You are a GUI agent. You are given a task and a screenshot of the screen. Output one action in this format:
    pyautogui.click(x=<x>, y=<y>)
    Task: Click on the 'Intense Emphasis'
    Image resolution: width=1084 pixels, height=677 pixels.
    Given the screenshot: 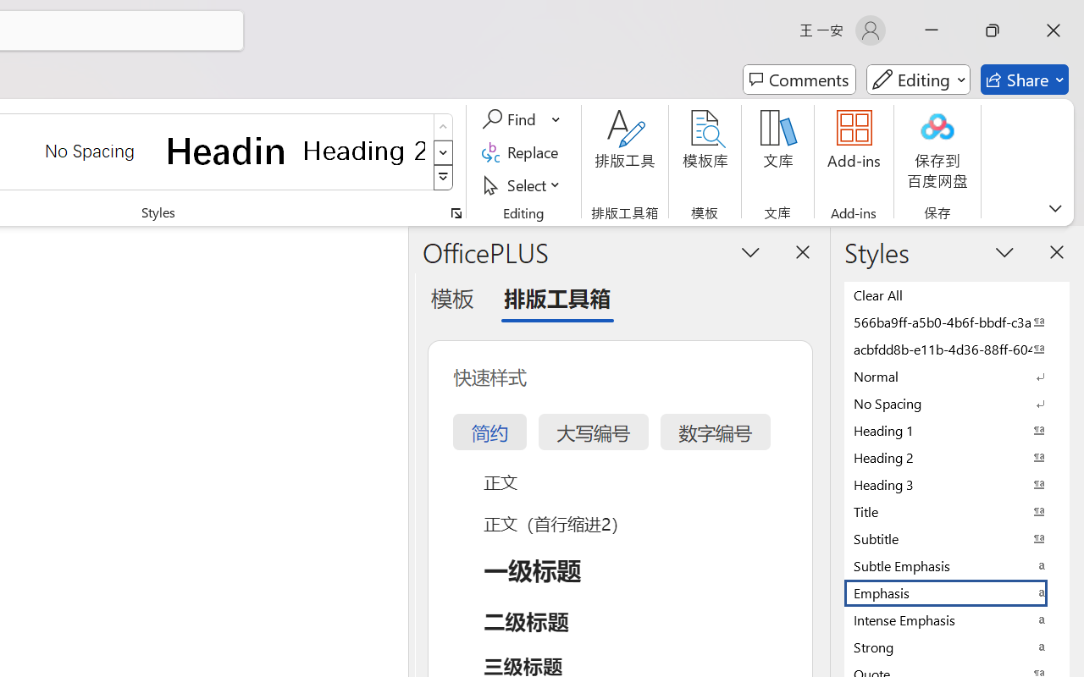 What is the action you would take?
    pyautogui.click(x=957, y=619)
    